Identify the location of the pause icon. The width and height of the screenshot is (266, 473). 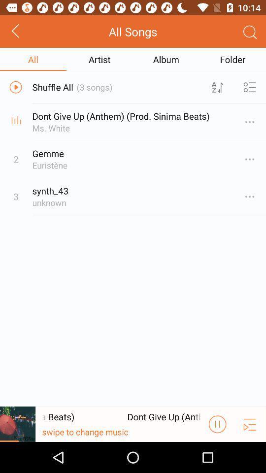
(217, 454).